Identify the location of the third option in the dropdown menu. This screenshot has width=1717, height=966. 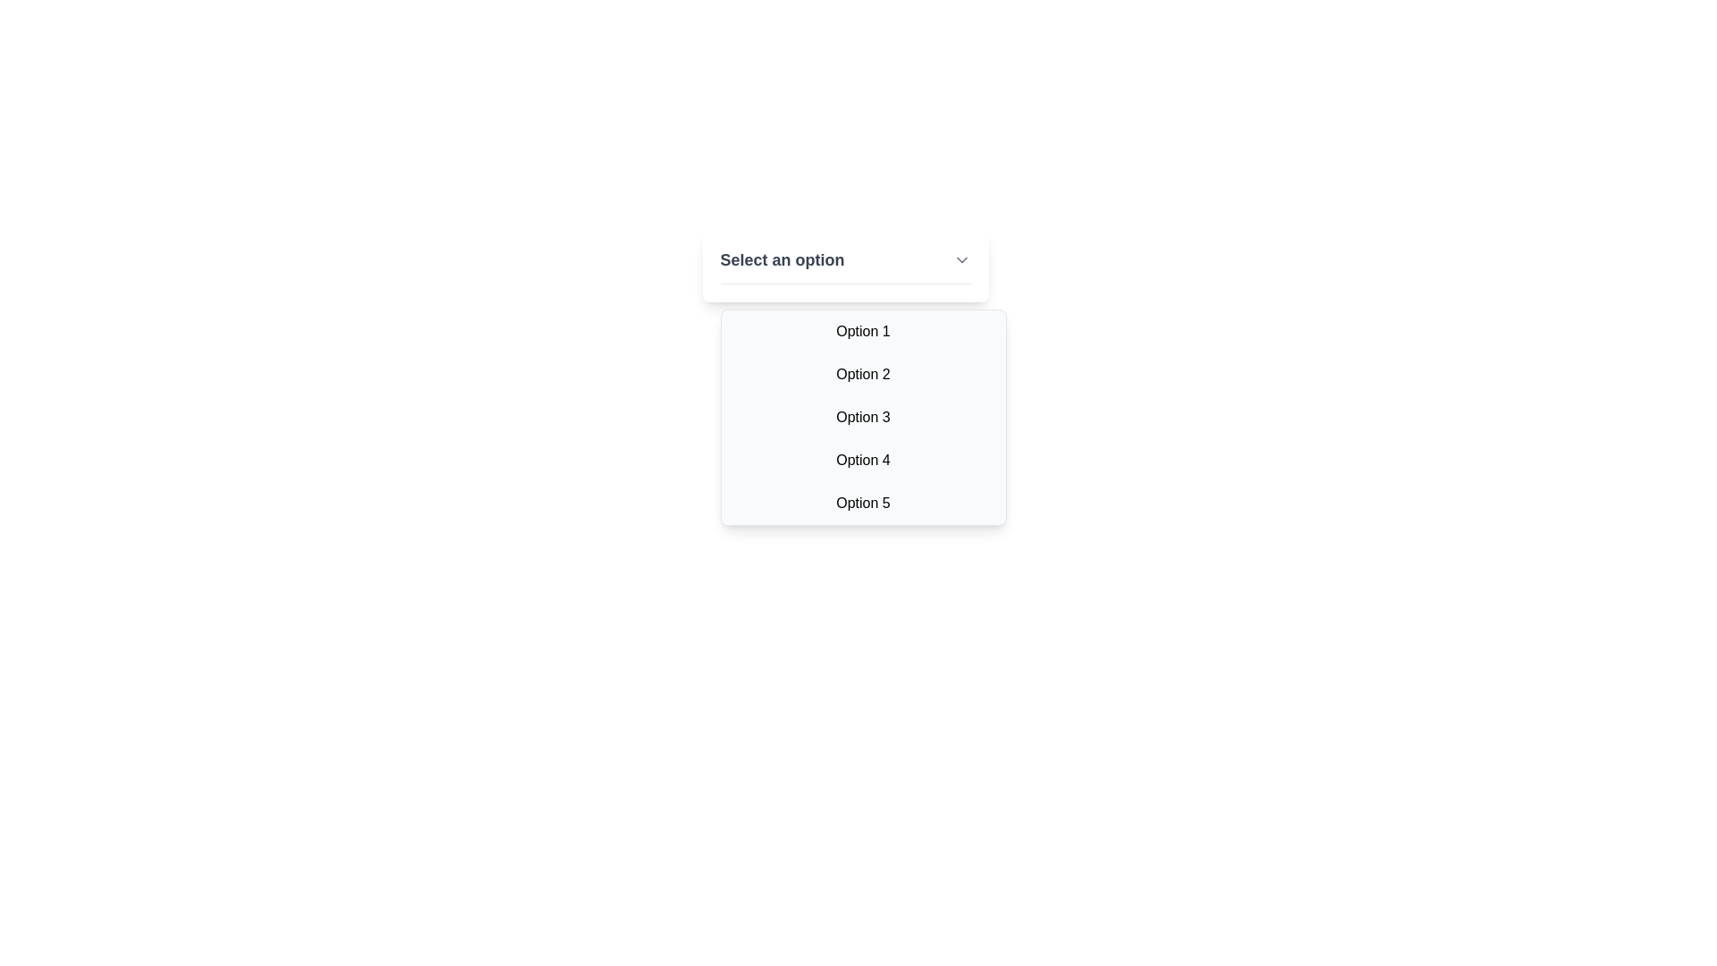
(863, 417).